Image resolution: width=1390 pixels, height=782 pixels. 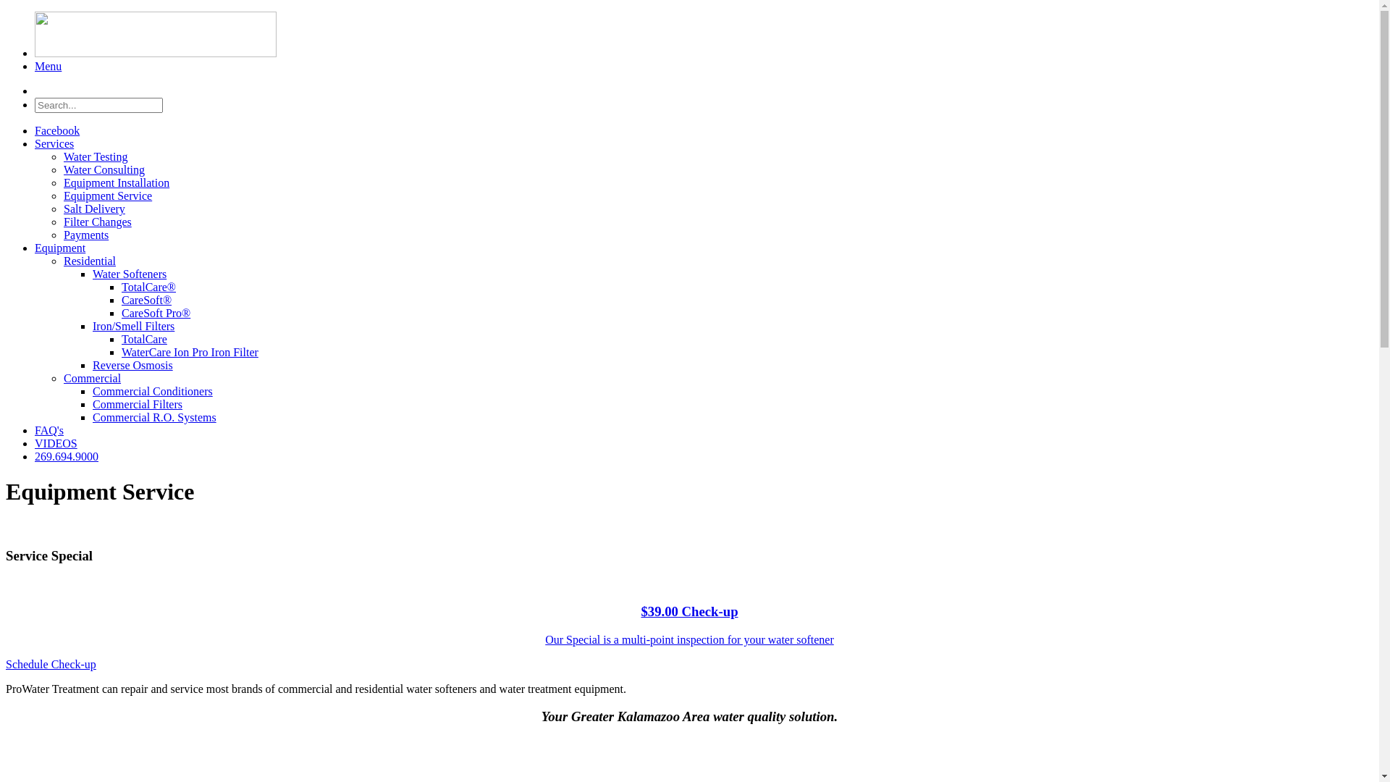 I want to click on 'Water Softeners', so click(x=129, y=274).